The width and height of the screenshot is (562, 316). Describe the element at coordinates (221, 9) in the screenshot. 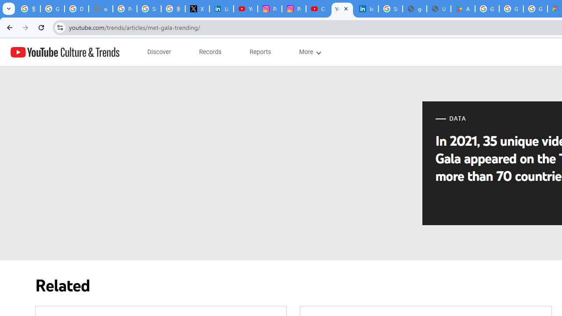

I see `'LinkedIn Privacy Policy'` at that location.